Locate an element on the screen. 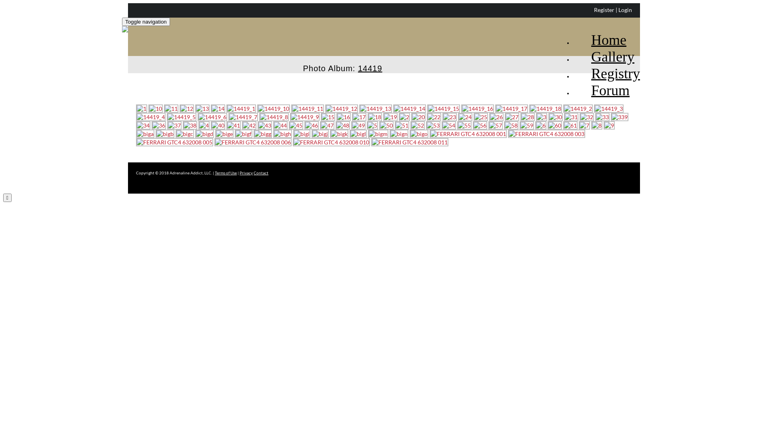 The image size is (768, 432). '14419_8 (click to enlarge)' is located at coordinates (259, 117).